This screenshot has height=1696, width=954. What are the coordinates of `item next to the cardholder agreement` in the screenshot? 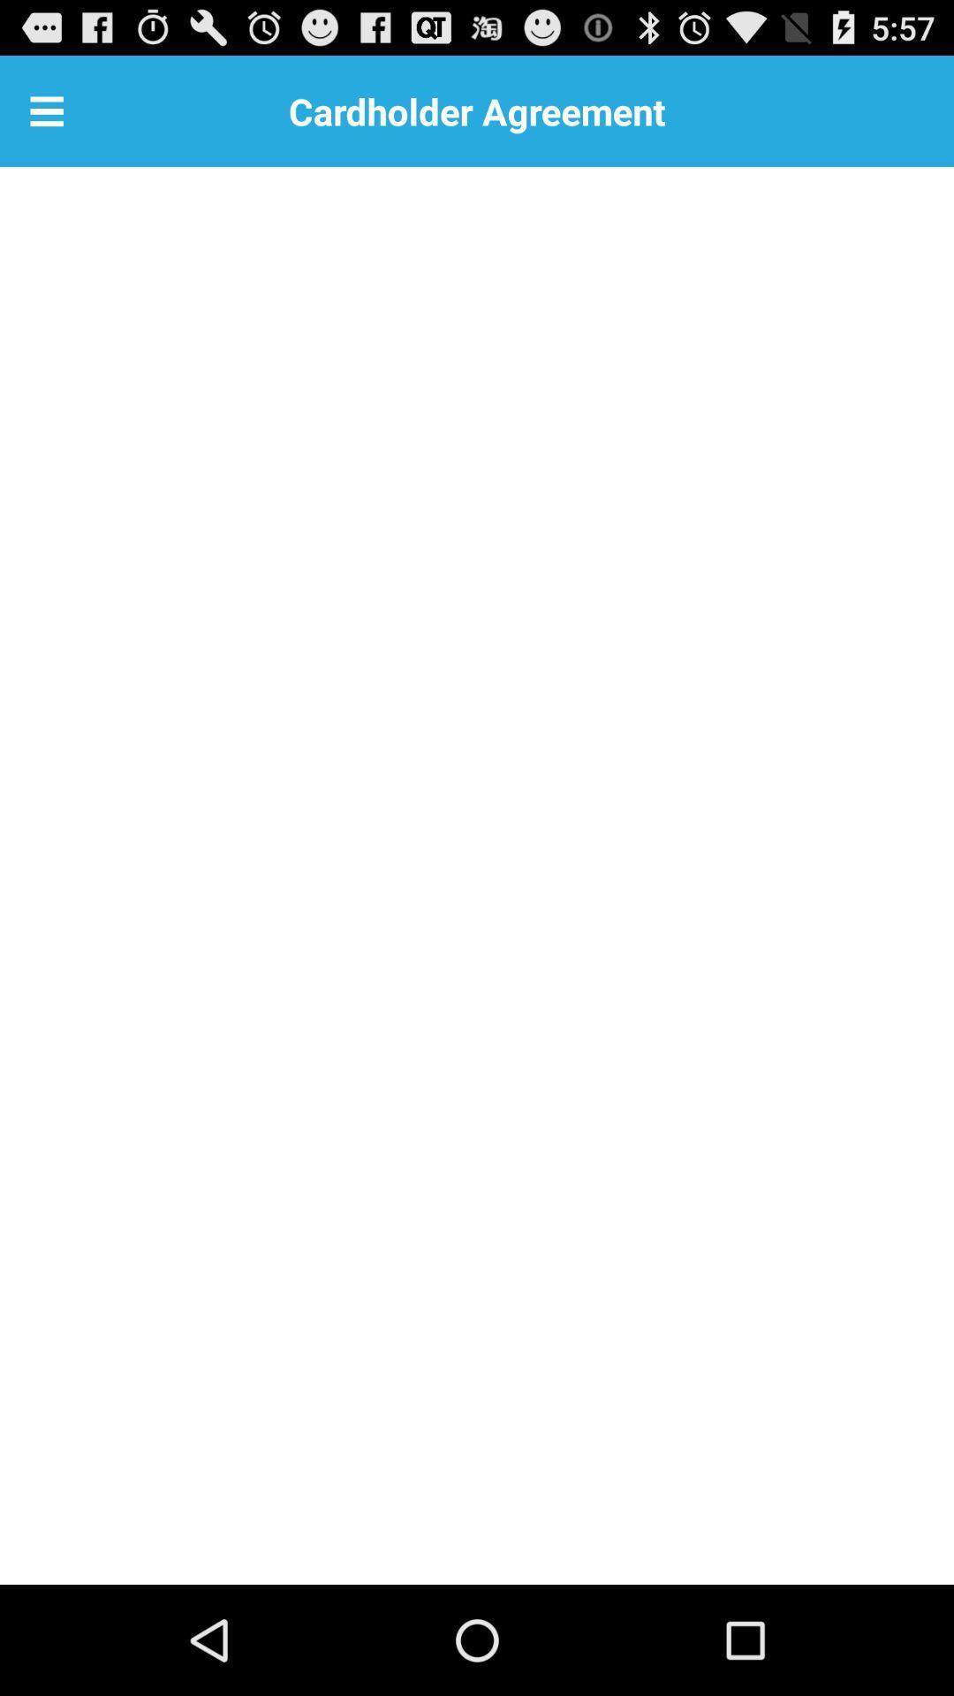 It's located at (46, 110).